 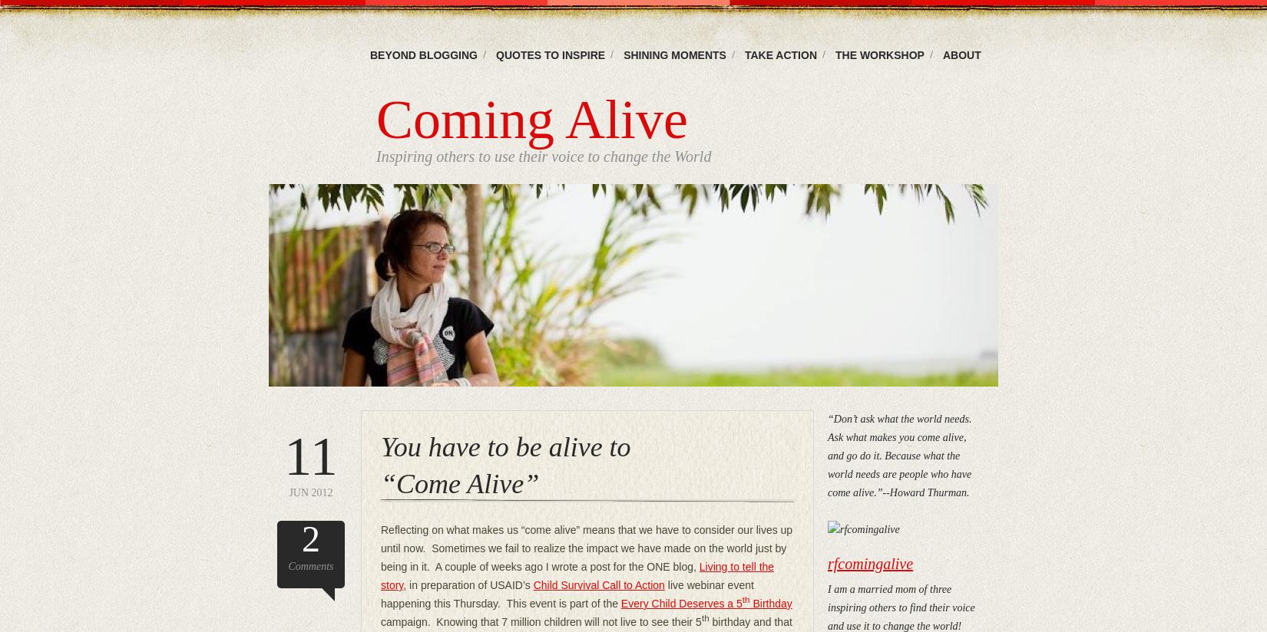 I want to click on '2', so click(x=311, y=538).